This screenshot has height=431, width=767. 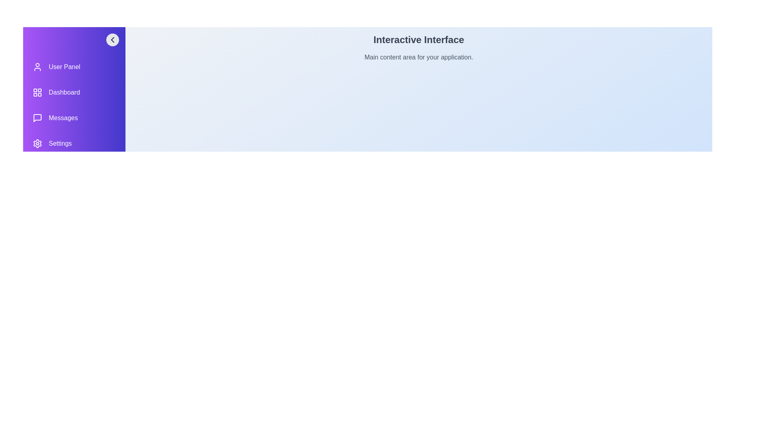 I want to click on the menu item labeled Settings to navigate to its associated section, so click(x=74, y=143).